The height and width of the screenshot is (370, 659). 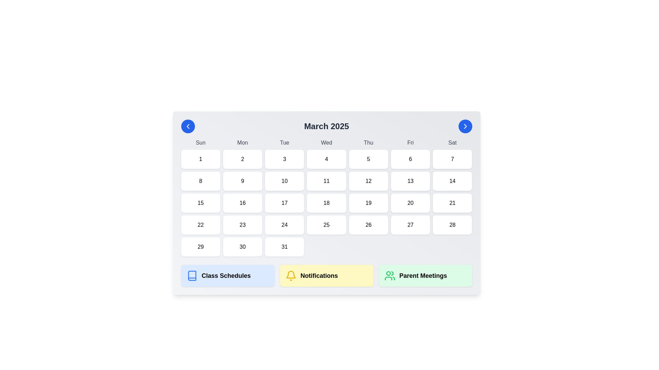 I want to click on the static text element displaying the number '28' in the Saturday column of the calendar grid, so click(x=452, y=225).